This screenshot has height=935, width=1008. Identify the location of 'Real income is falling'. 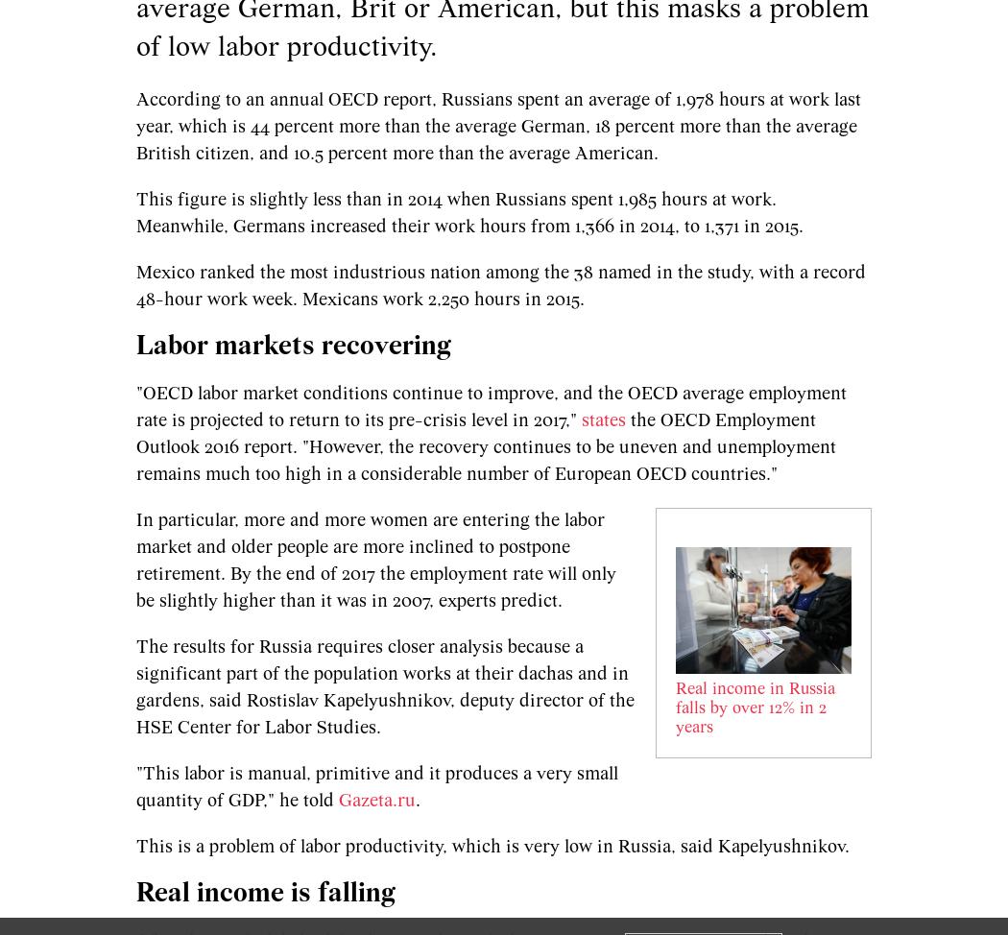
(264, 892).